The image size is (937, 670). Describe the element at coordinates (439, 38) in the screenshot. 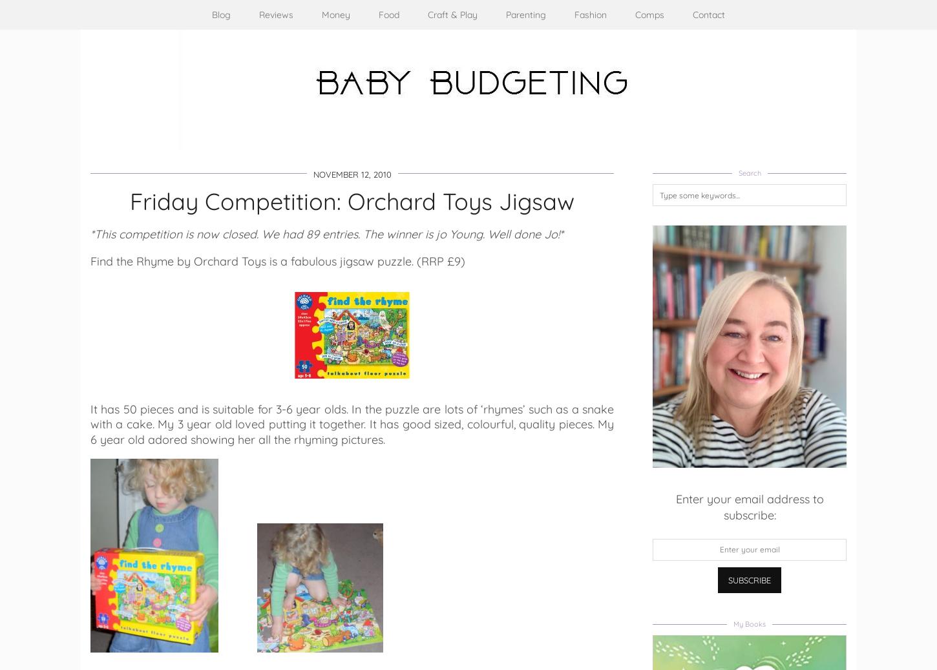

I see `'Crafts'` at that location.